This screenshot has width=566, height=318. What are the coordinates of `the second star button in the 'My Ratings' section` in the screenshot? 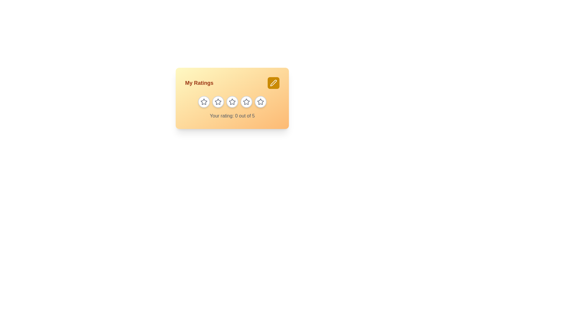 It's located at (218, 102).